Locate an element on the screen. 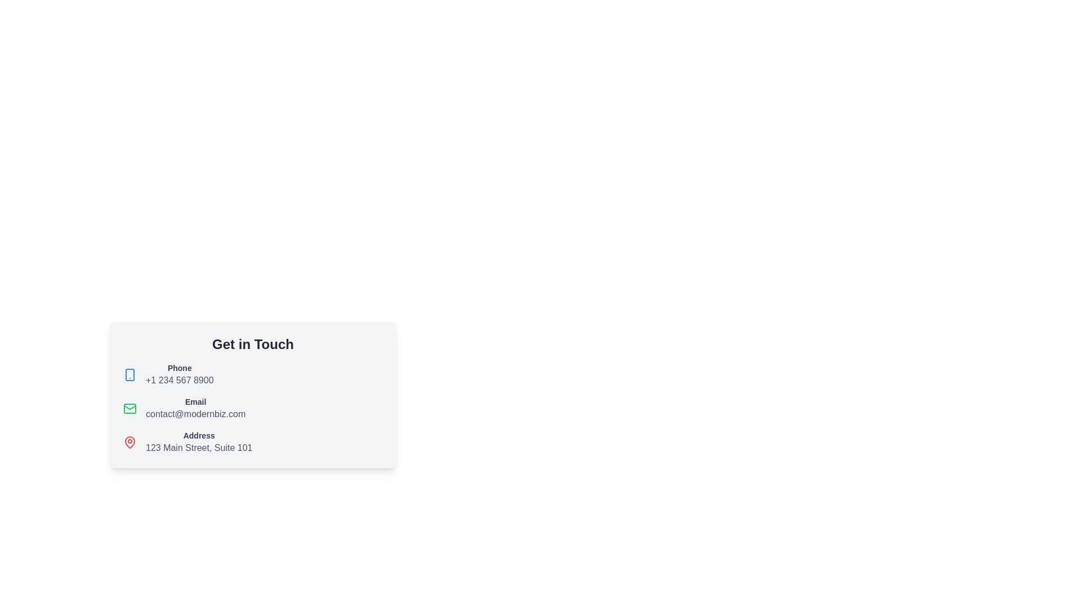 This screenshot has width=1081, height=608. the email address within the 'Get in Touch' informational card is located at coordinates (252, 408).